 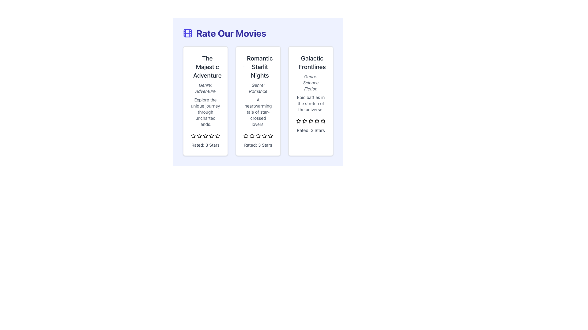 I want to click on the third interactive star icon for rating located below the description of 'The Majestic Adventure', so click(x=212, y=135).